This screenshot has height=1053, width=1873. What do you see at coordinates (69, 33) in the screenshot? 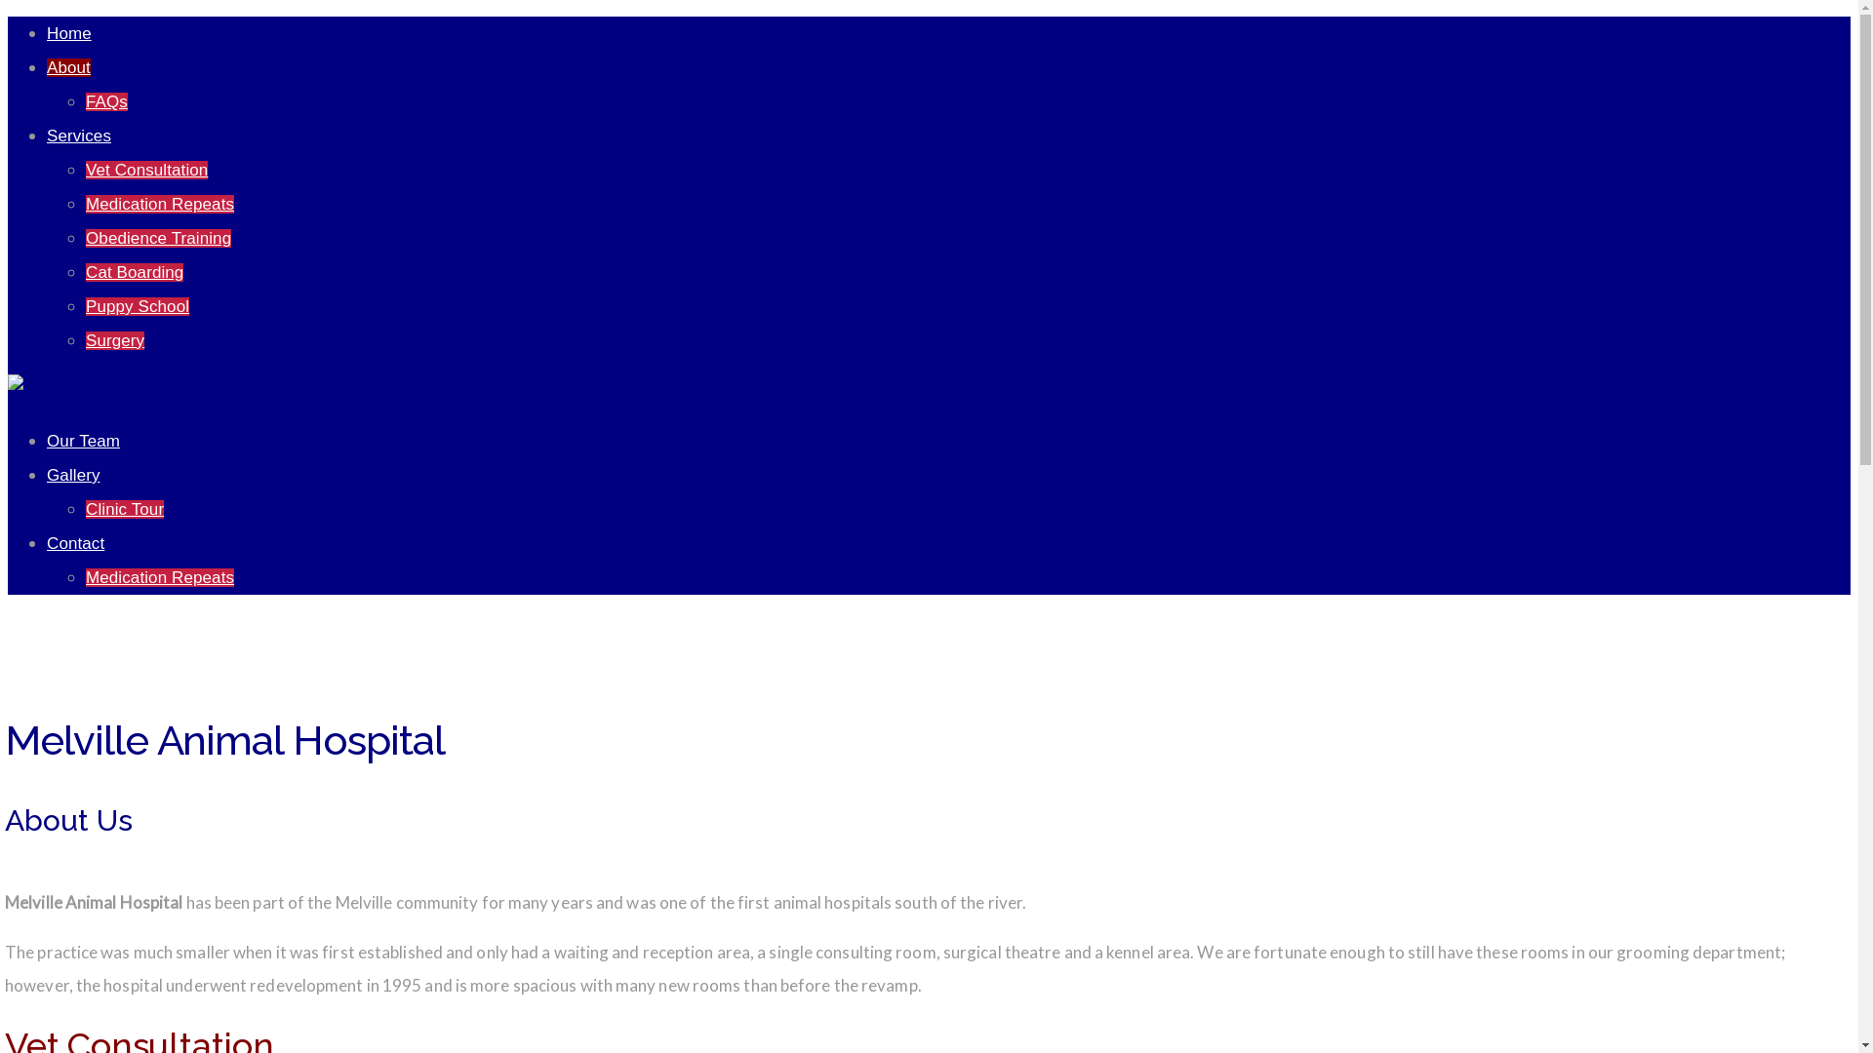
I see `'Home'` at bounding box center [69, 33].